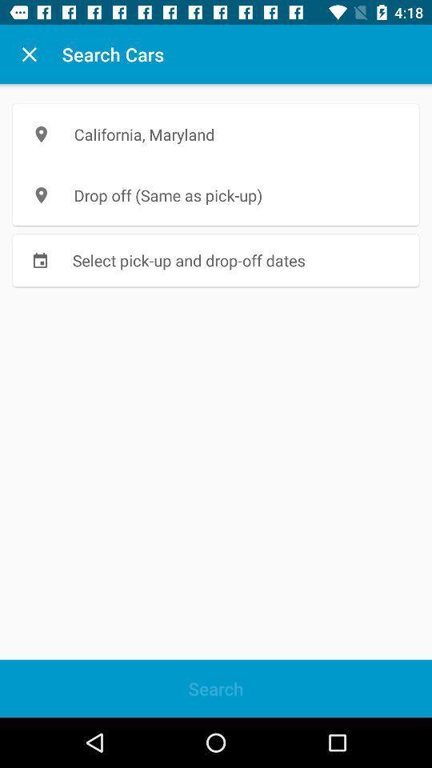 The width and height of the screenshot is (432, 768). Describe the element at coordinates (216, 134) in the screenshot. I see `icon above the drop off same` at that location.